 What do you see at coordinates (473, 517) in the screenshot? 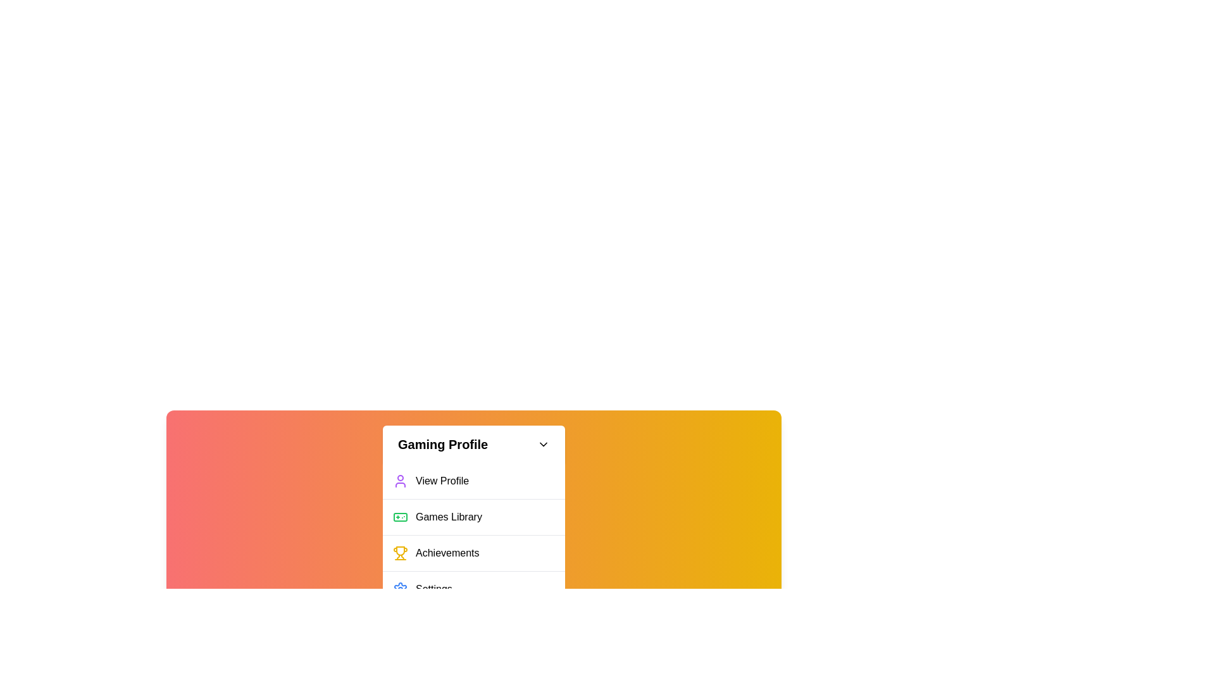
I see `the 'Games Library' option in the menu` at bounding box center [473, 517].